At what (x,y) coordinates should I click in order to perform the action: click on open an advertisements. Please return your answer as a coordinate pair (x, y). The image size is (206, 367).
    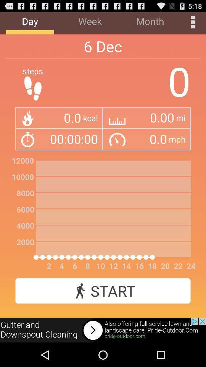
    Looking at the image, I should click on (103, 330).